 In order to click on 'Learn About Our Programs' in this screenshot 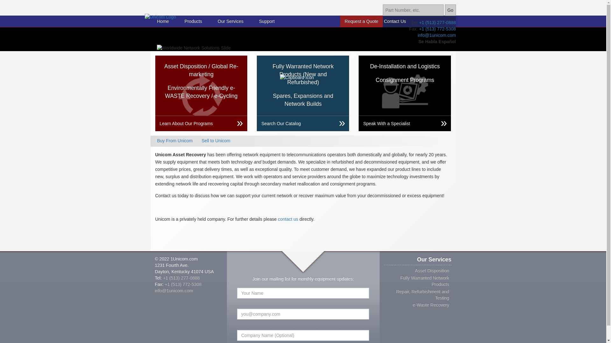, I will do `click(201, 123)`.